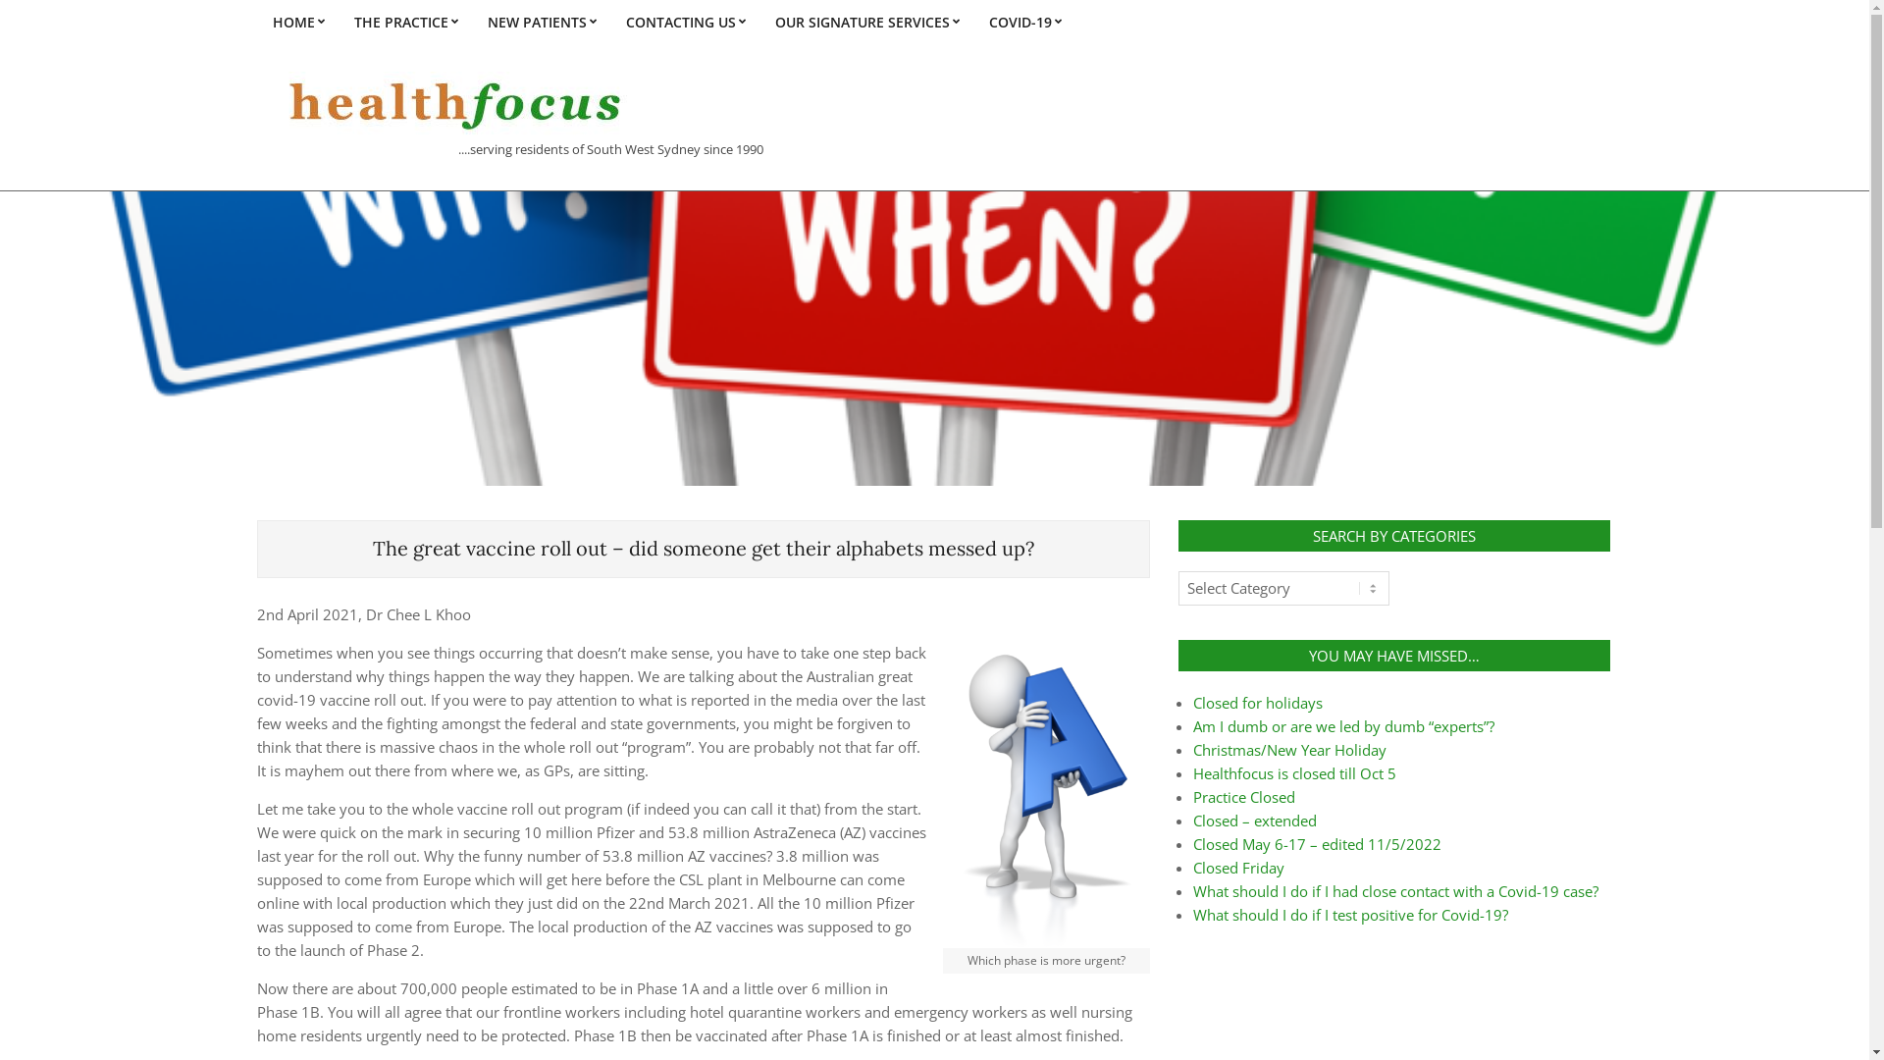 The height and width of the screenshot is (1060, 1884). I want to click on 'Closed Friday', so click(1237, 866).